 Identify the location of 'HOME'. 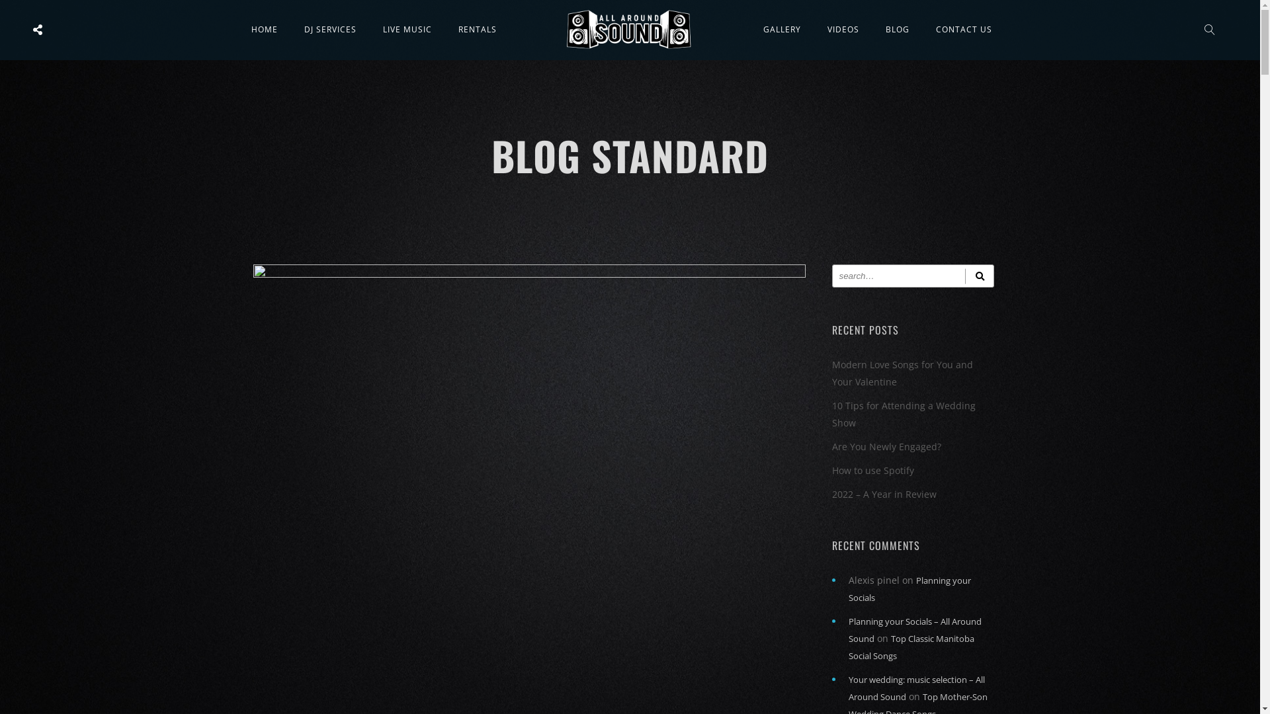
(264, 29).